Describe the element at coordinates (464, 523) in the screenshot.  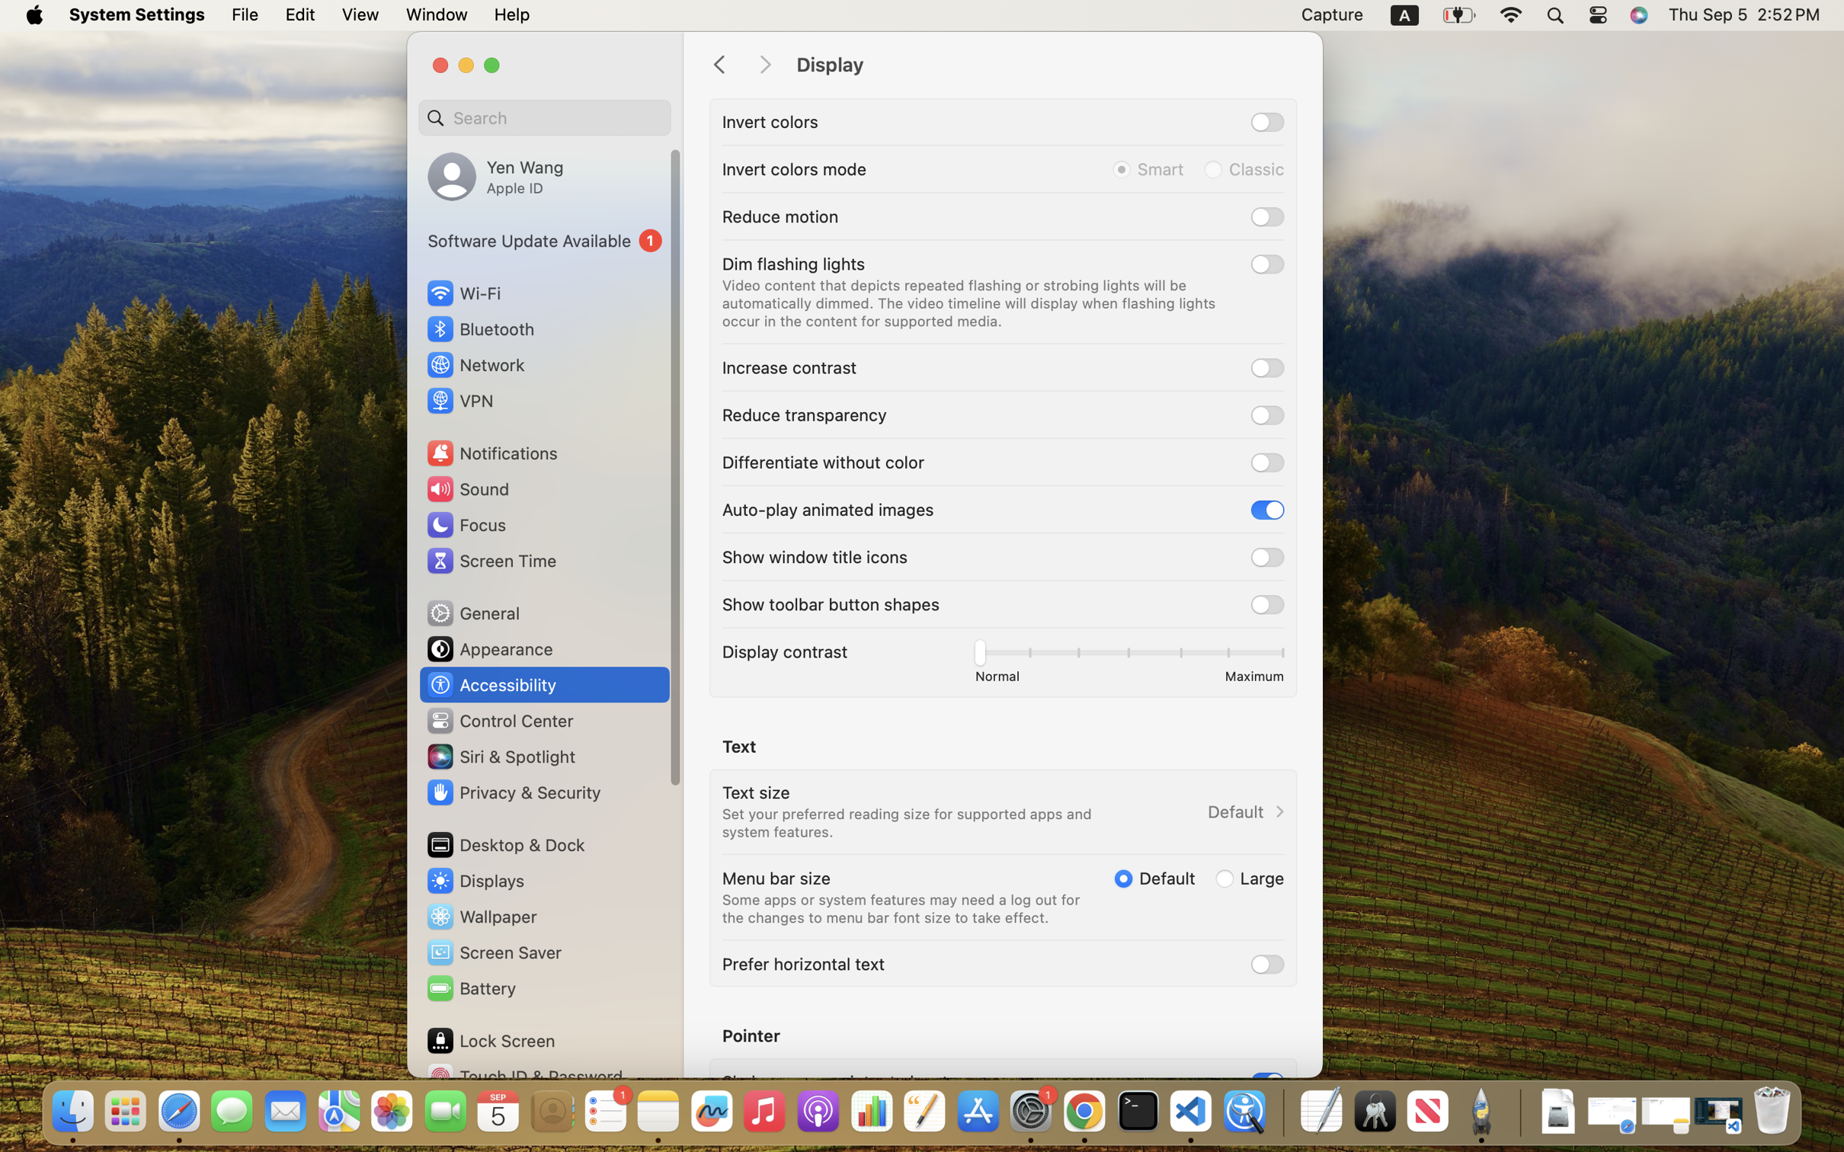
I see `'Focus'` at that location.